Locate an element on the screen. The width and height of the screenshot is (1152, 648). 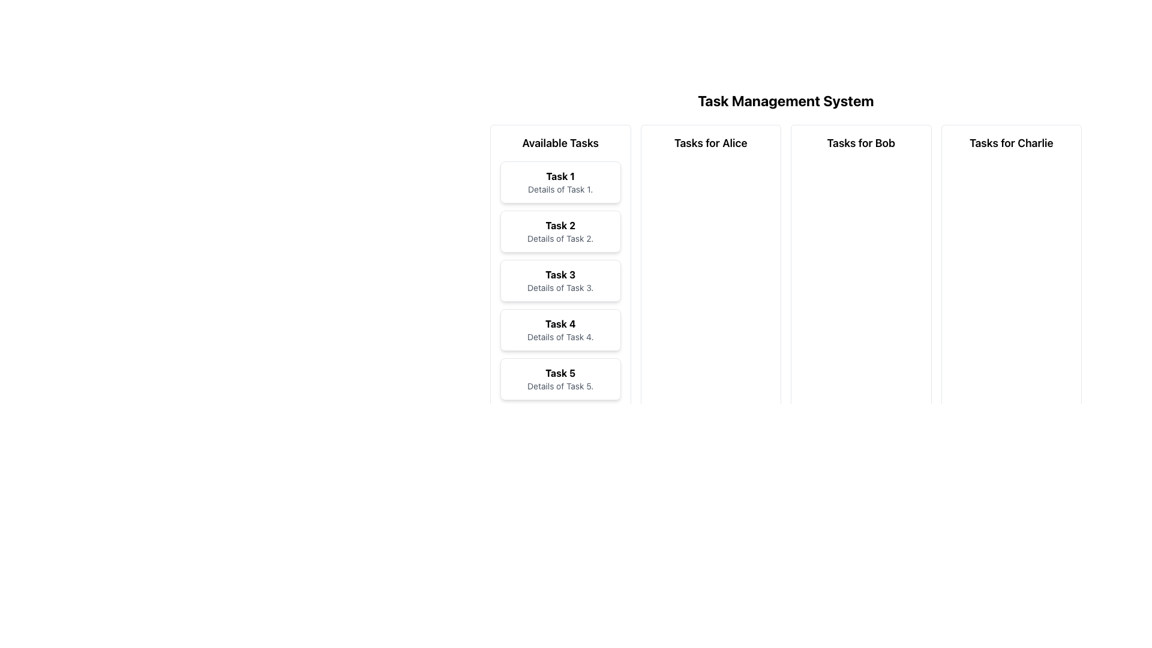
the title text of the second task card in the 'Available Tasks' column is located at coordinates (560, 225).